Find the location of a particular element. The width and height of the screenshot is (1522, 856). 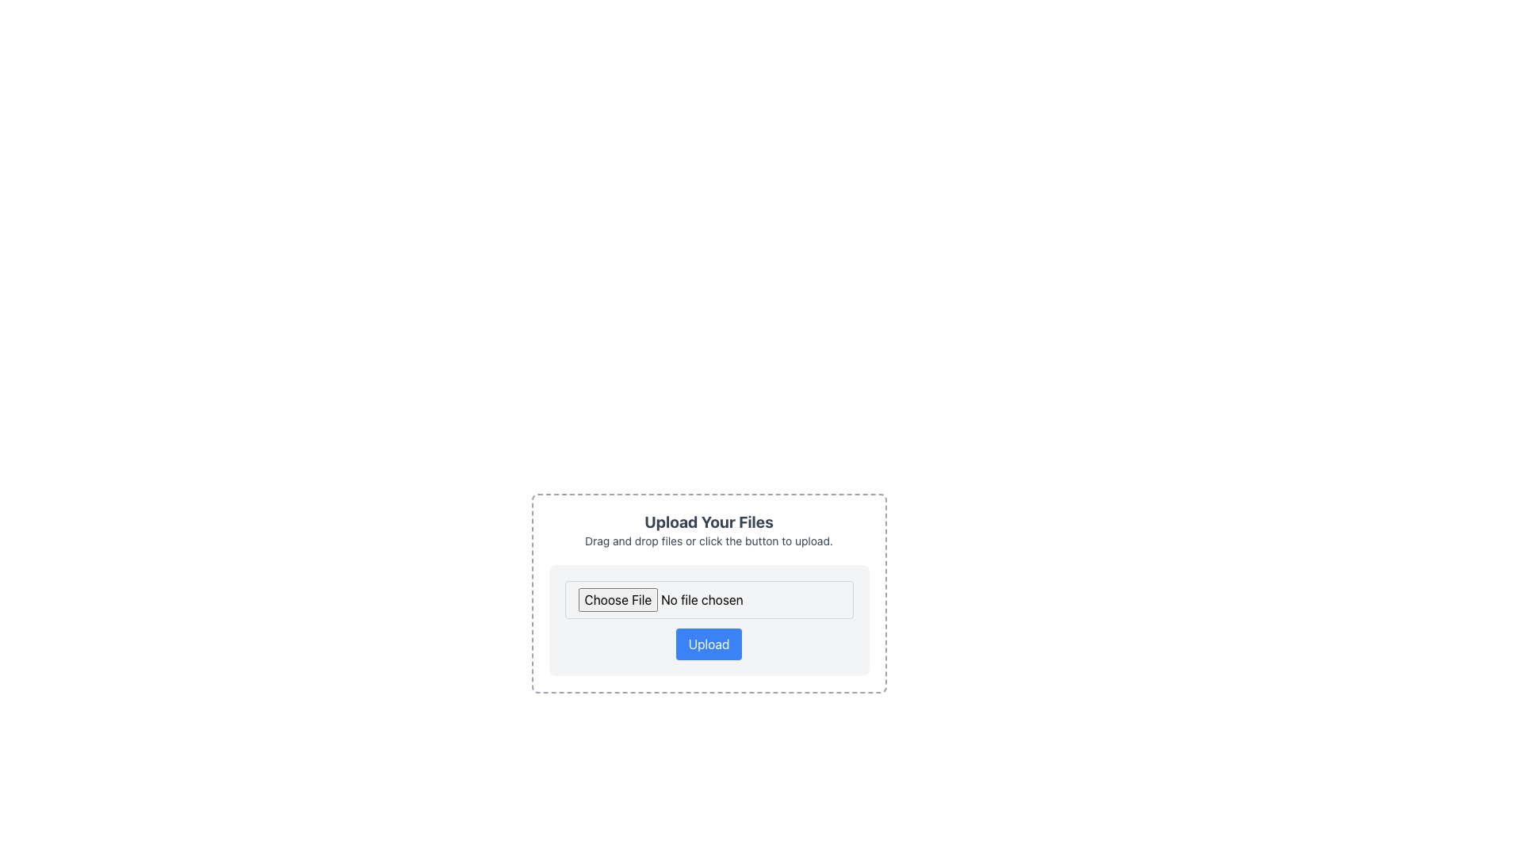

the file upload widget, which has a dashed border and includes the header 'Upload Your Files' and a button labeled 'Upload' is located at coordinates (708, 593).